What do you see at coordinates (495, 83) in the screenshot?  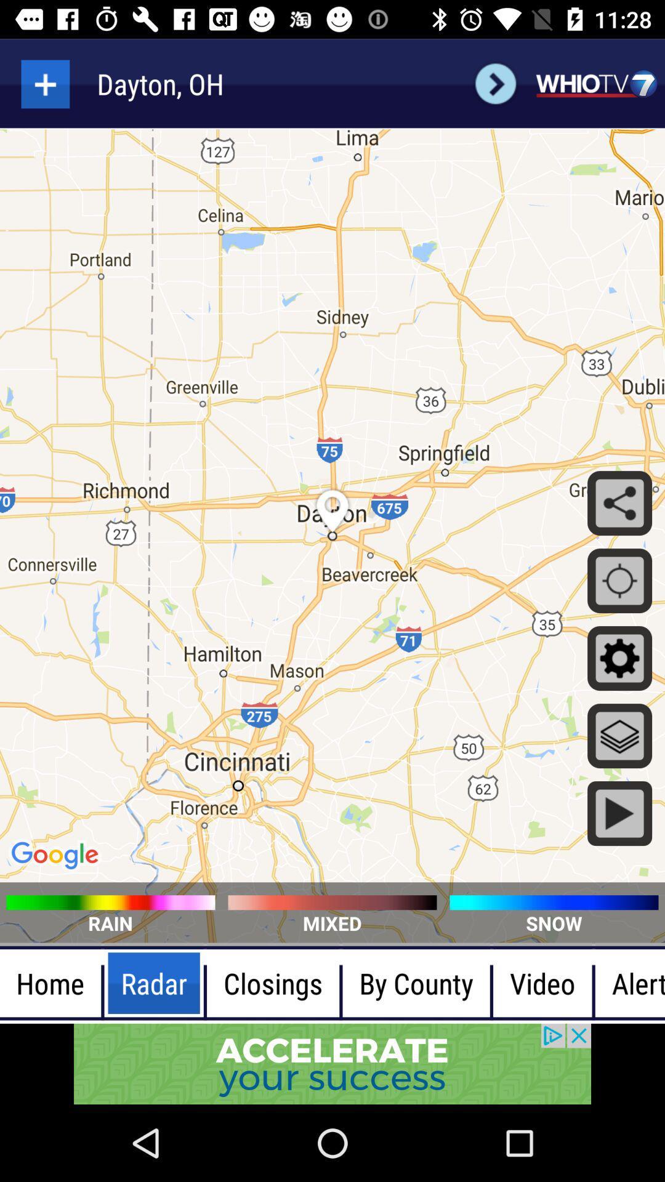 I see `next` at bounding box center [495, 83].